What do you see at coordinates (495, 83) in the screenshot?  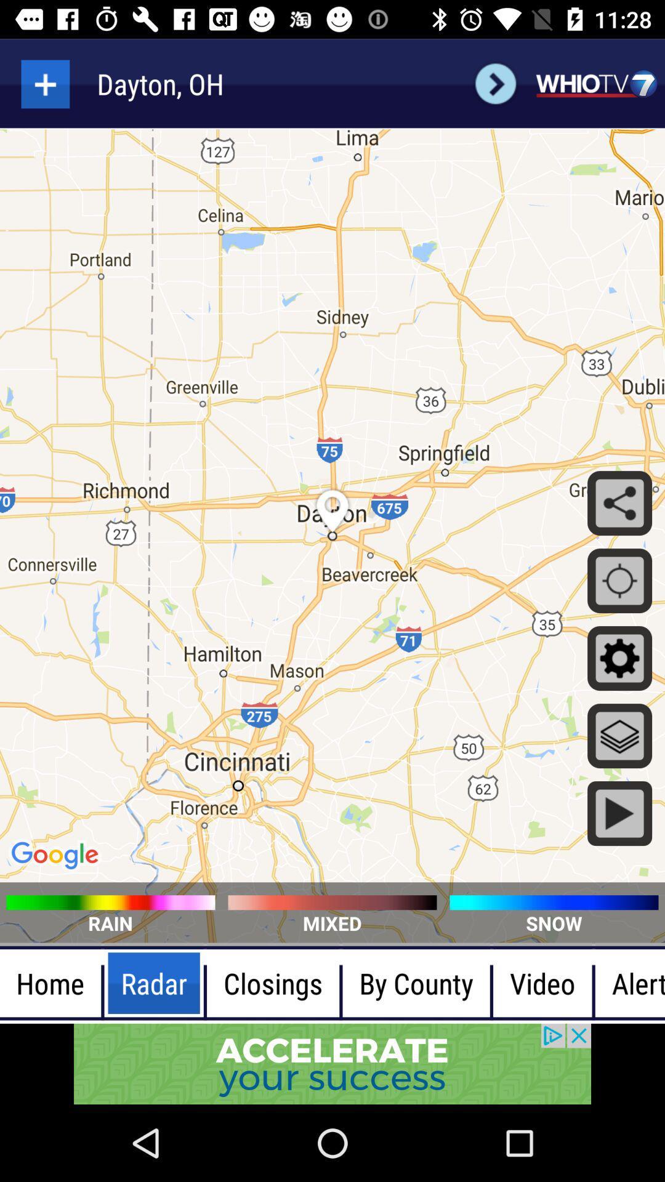 I see `next` at bounding box center [495, 83].